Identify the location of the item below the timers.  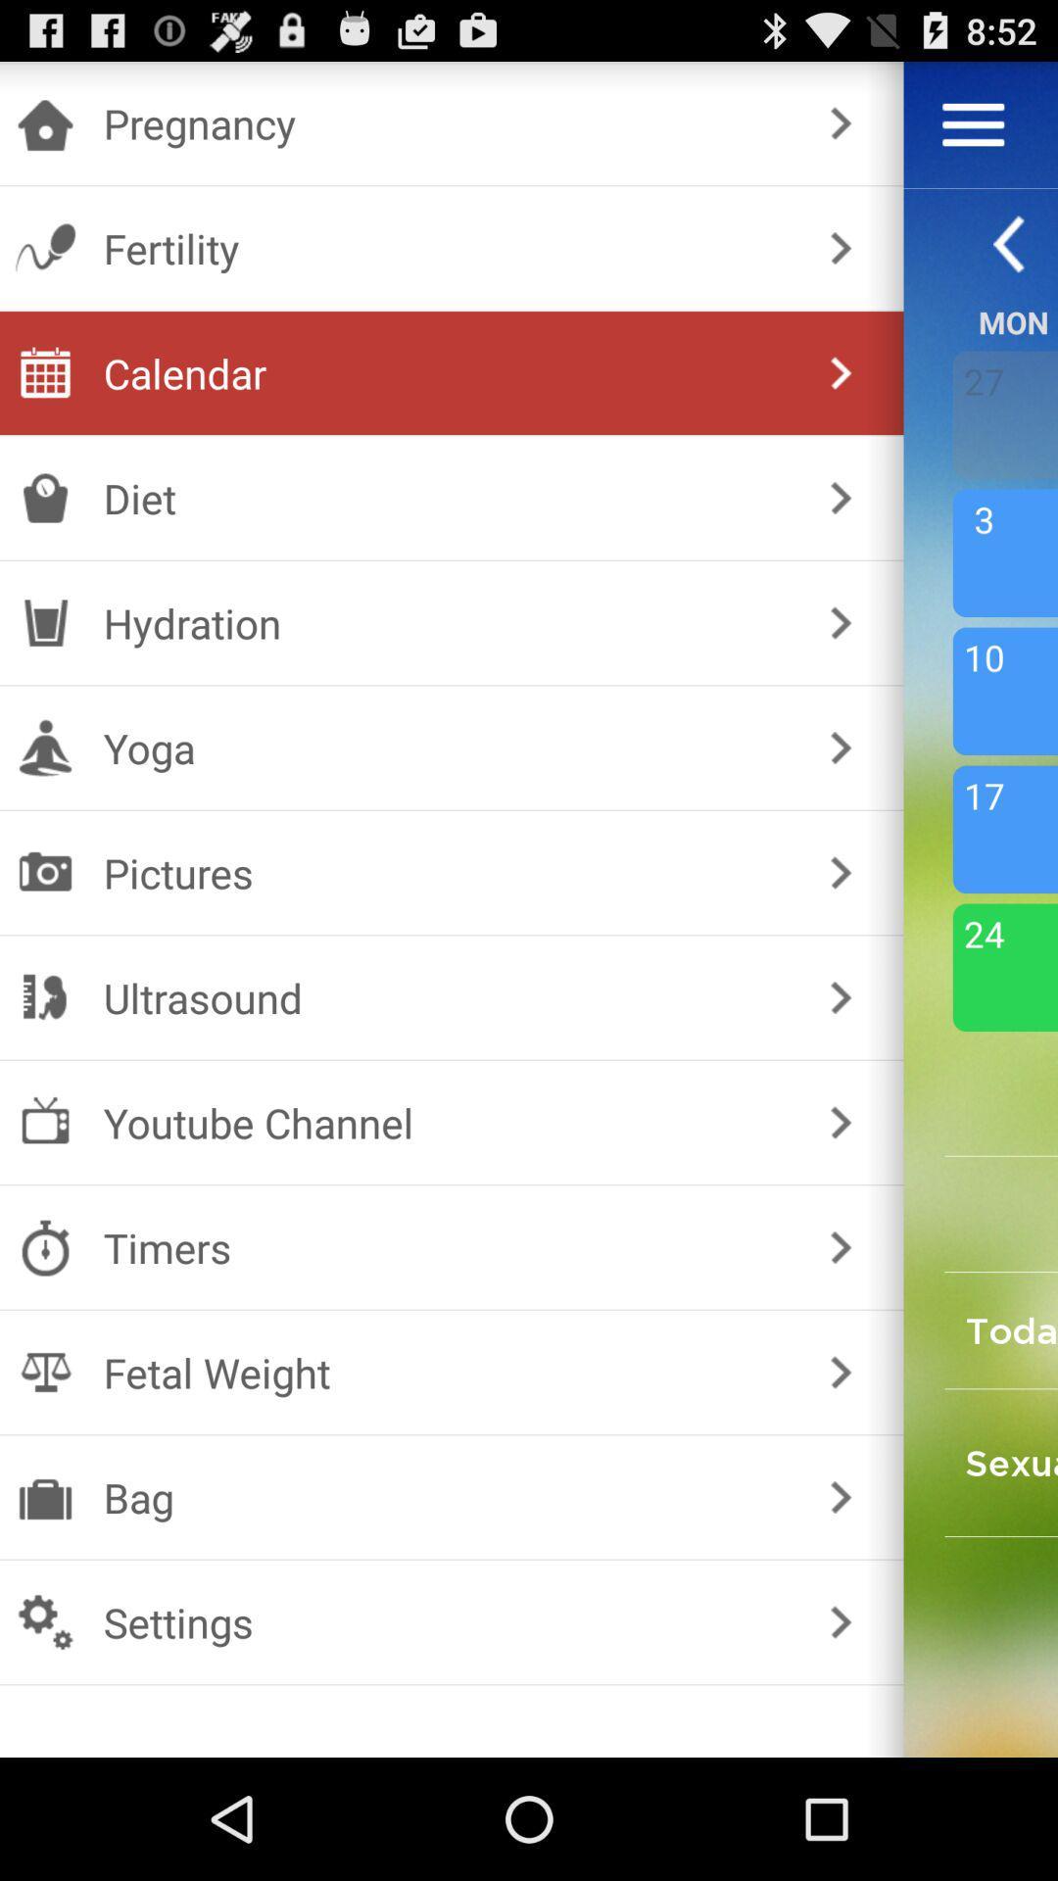
(448, 1372).